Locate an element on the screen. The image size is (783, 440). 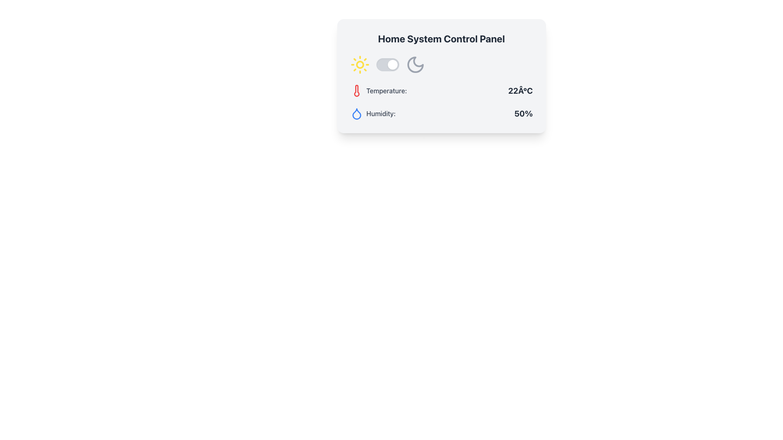
the blue water droplet icon representing humidity located to the left of the 'Humidity:' text, as a reference is located at coordinates (356, 113).